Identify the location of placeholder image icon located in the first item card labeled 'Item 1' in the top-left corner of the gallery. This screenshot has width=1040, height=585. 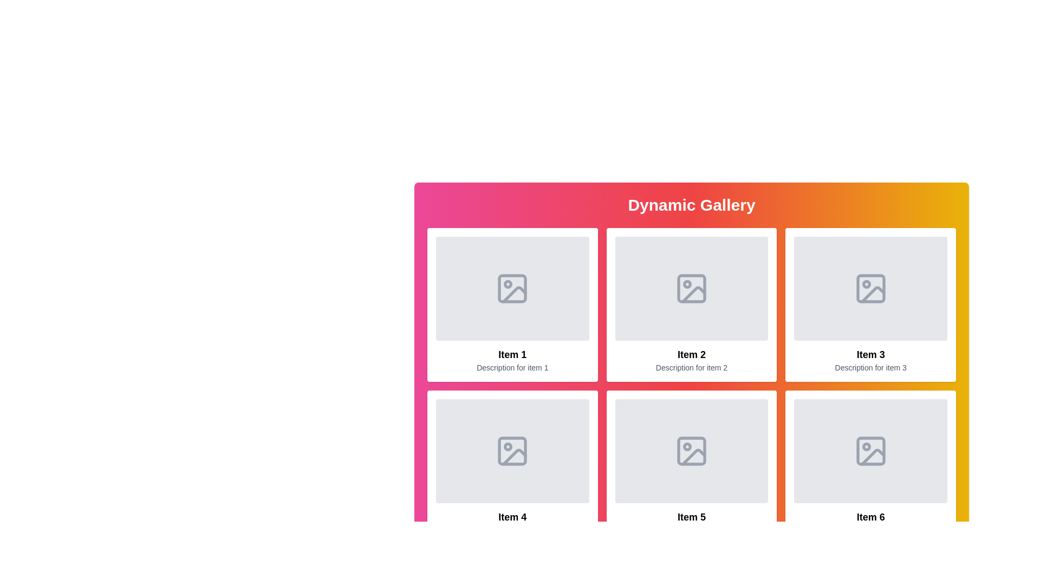
(512, 288).